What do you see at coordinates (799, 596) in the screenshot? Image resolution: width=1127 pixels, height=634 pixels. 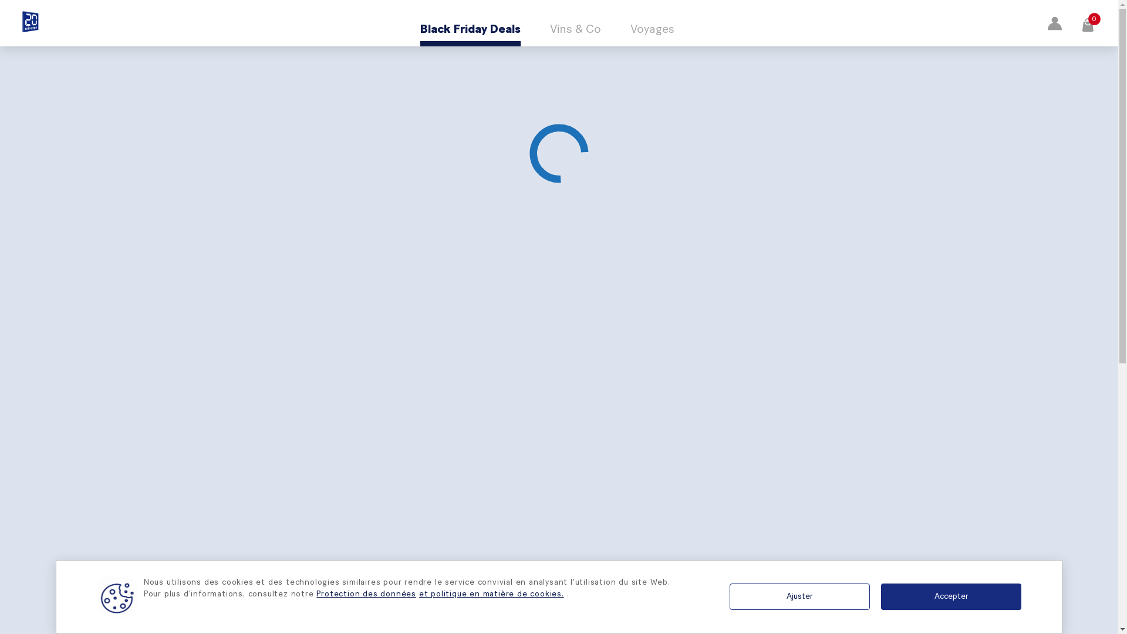 I see `'Ajuster'` at bounding box center [799, 596].